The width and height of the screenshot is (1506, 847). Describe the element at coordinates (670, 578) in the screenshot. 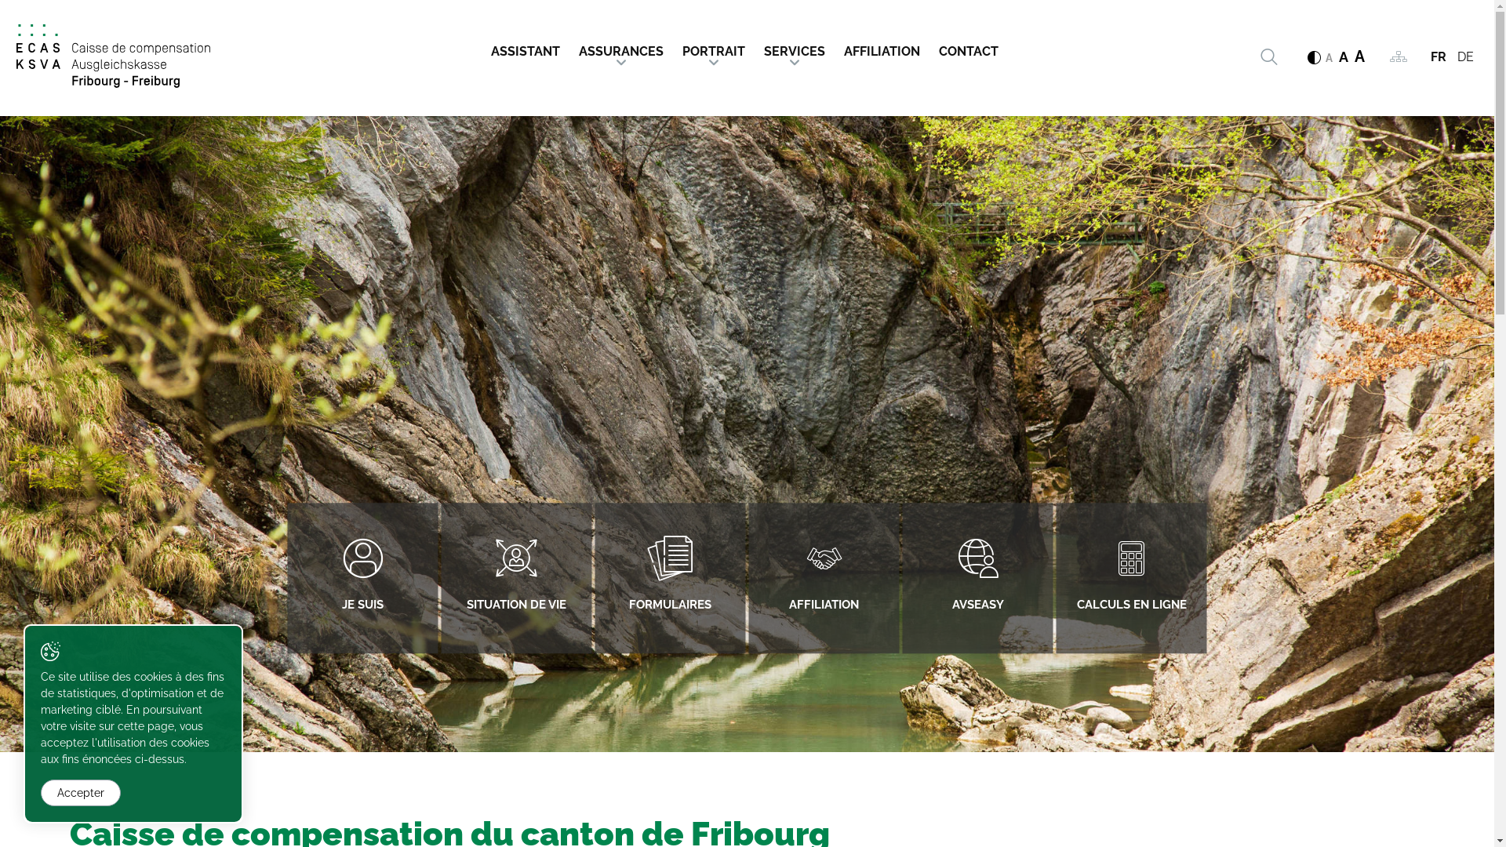

I see `'FORMULAIRES'` at that location.